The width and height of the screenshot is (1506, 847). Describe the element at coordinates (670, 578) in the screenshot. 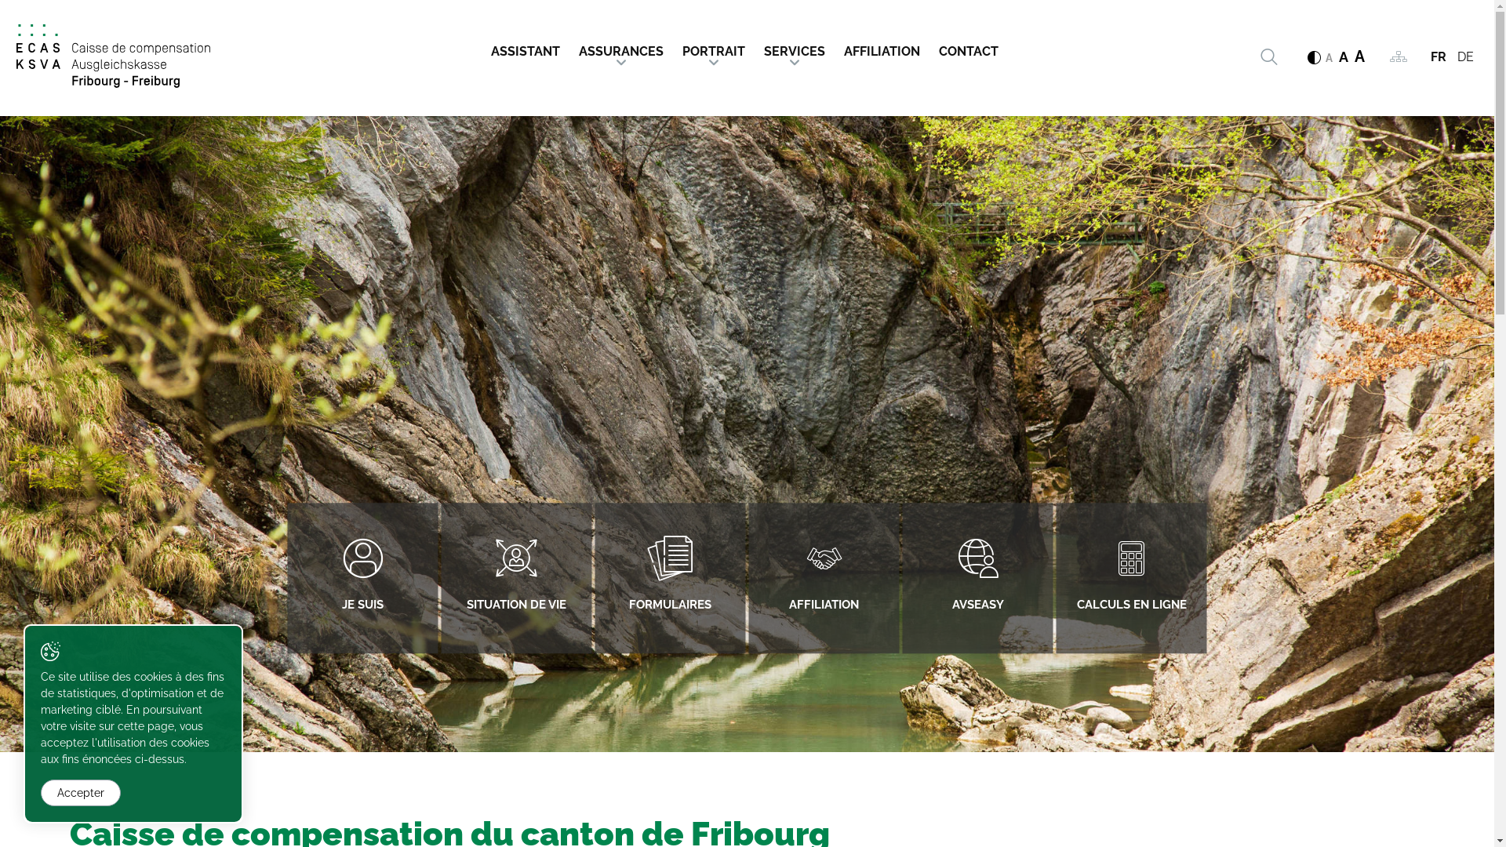

I see `'FORMULAIRES'` at that location.